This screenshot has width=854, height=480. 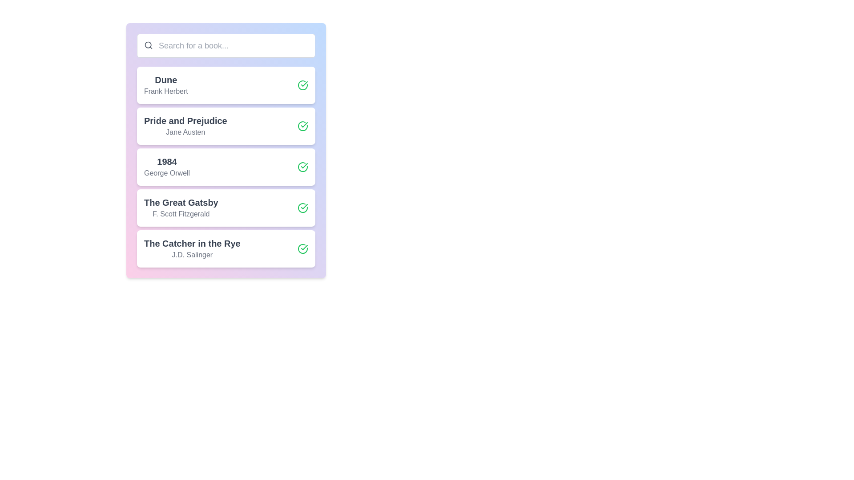 I want to click on the text label containing 'Dune', which is styled in bold gray (#4B5563) and positioned above 'Frank Herbert' in the list of clickable items, so click(x=166, y=80).